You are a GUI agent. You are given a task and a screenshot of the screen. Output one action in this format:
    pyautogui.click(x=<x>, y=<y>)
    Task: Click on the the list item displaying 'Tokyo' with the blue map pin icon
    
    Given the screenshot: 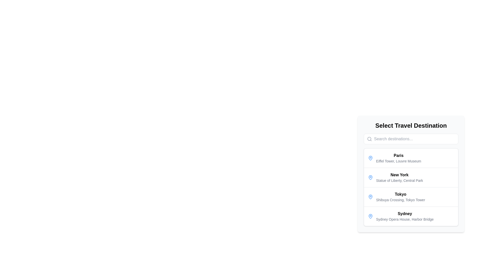 What is the action you would take?
    pyautogui.click(x=411, y=197)
    